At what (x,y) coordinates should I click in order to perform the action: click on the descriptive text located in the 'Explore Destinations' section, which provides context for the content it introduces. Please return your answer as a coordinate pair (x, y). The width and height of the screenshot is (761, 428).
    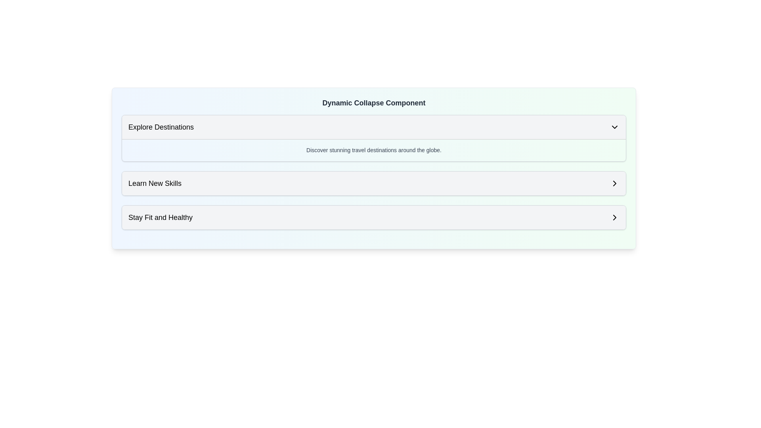
    Looking at the image, I should click on (373, 150).